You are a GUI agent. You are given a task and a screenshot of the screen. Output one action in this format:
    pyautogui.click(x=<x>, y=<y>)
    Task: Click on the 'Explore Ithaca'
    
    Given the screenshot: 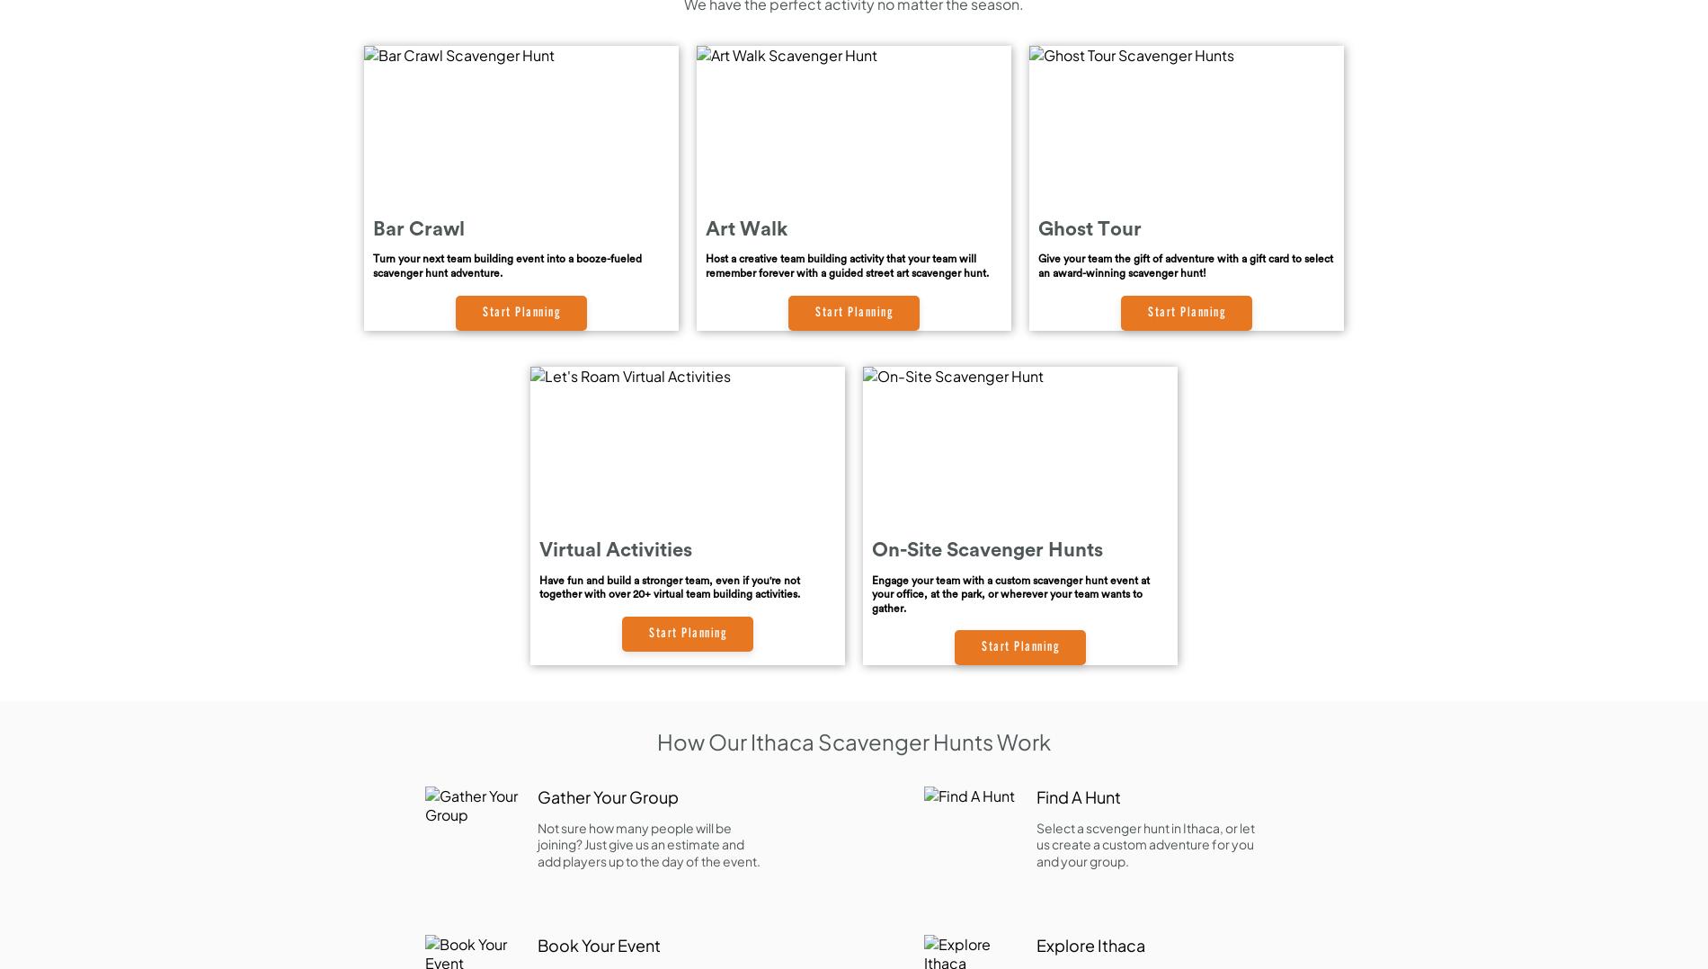 What is the action you would take?
    pyautogui.click(x=1089, y=945)
    